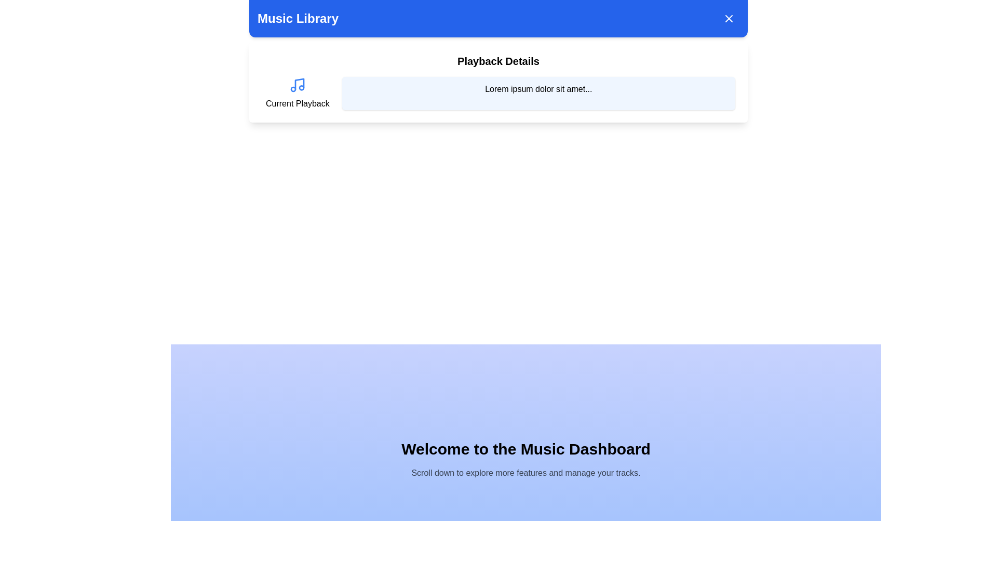 The image size is (997, 561). What do you see at coordinates (299, 84) in the screenshot?
I see `the vertical line segment resembling a musical note stem within the music-related icon located at the top-left of the card element under the 'Music Library' header` at bounding box center [299, 84].